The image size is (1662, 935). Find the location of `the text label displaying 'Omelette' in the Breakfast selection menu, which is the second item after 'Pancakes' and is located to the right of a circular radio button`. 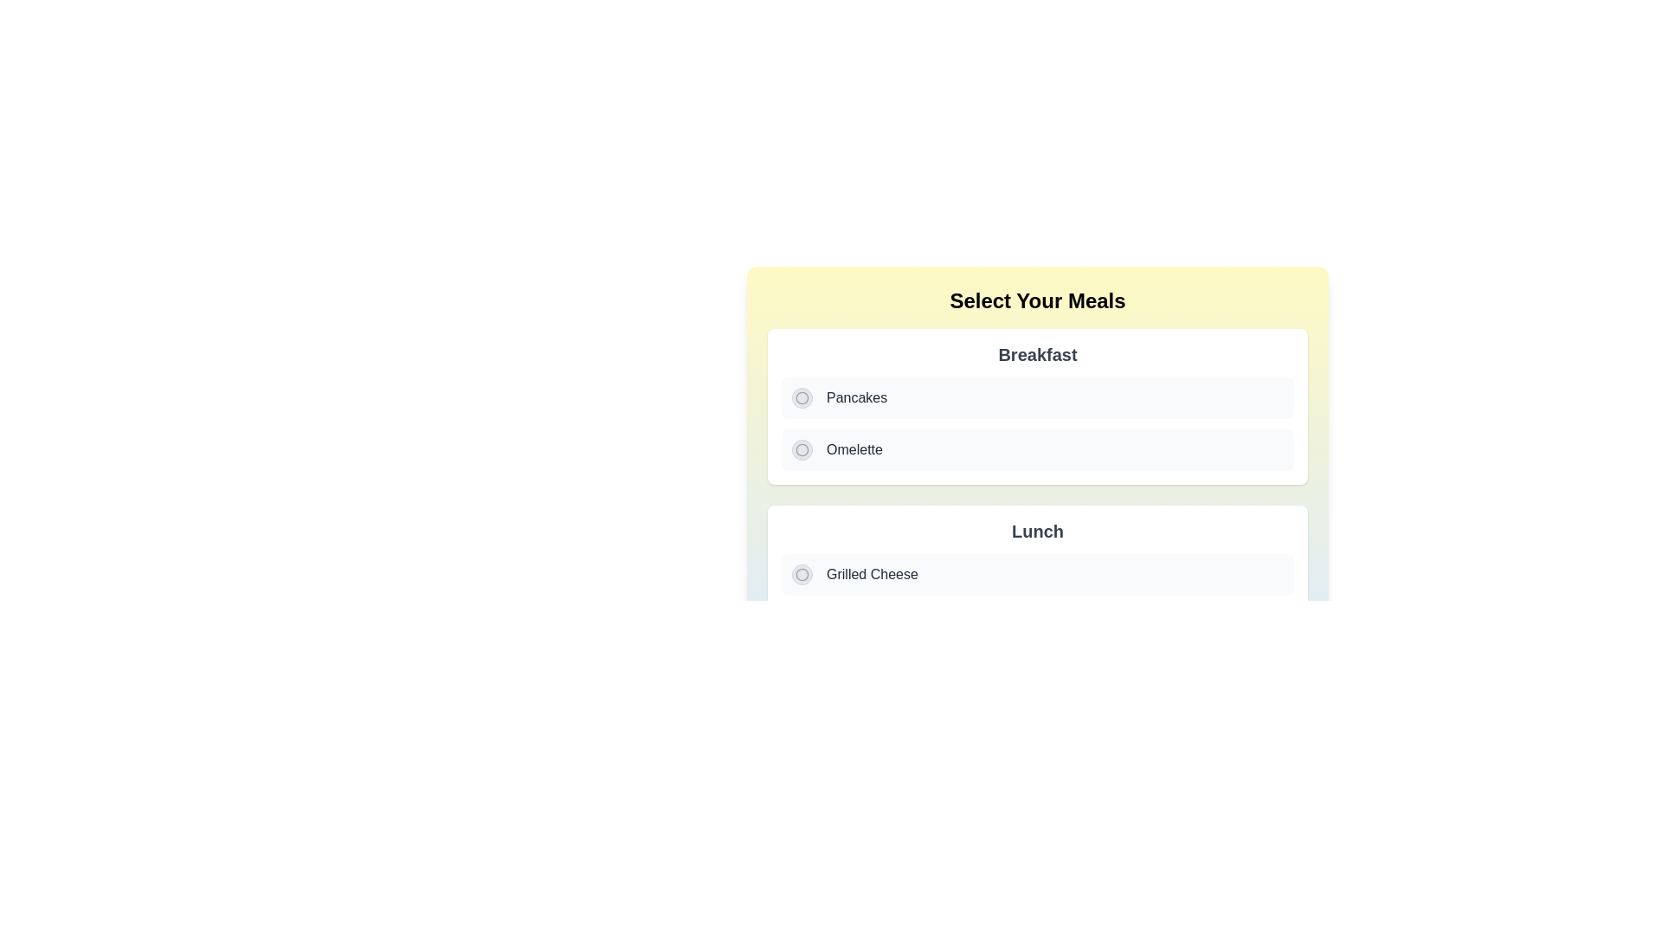

the text label displaying 'Omelette' in the Breakfast selection menu, which is the second item after 'Pancakes' and is located to the right of a circular radio button is located at coordinates (854, 449).